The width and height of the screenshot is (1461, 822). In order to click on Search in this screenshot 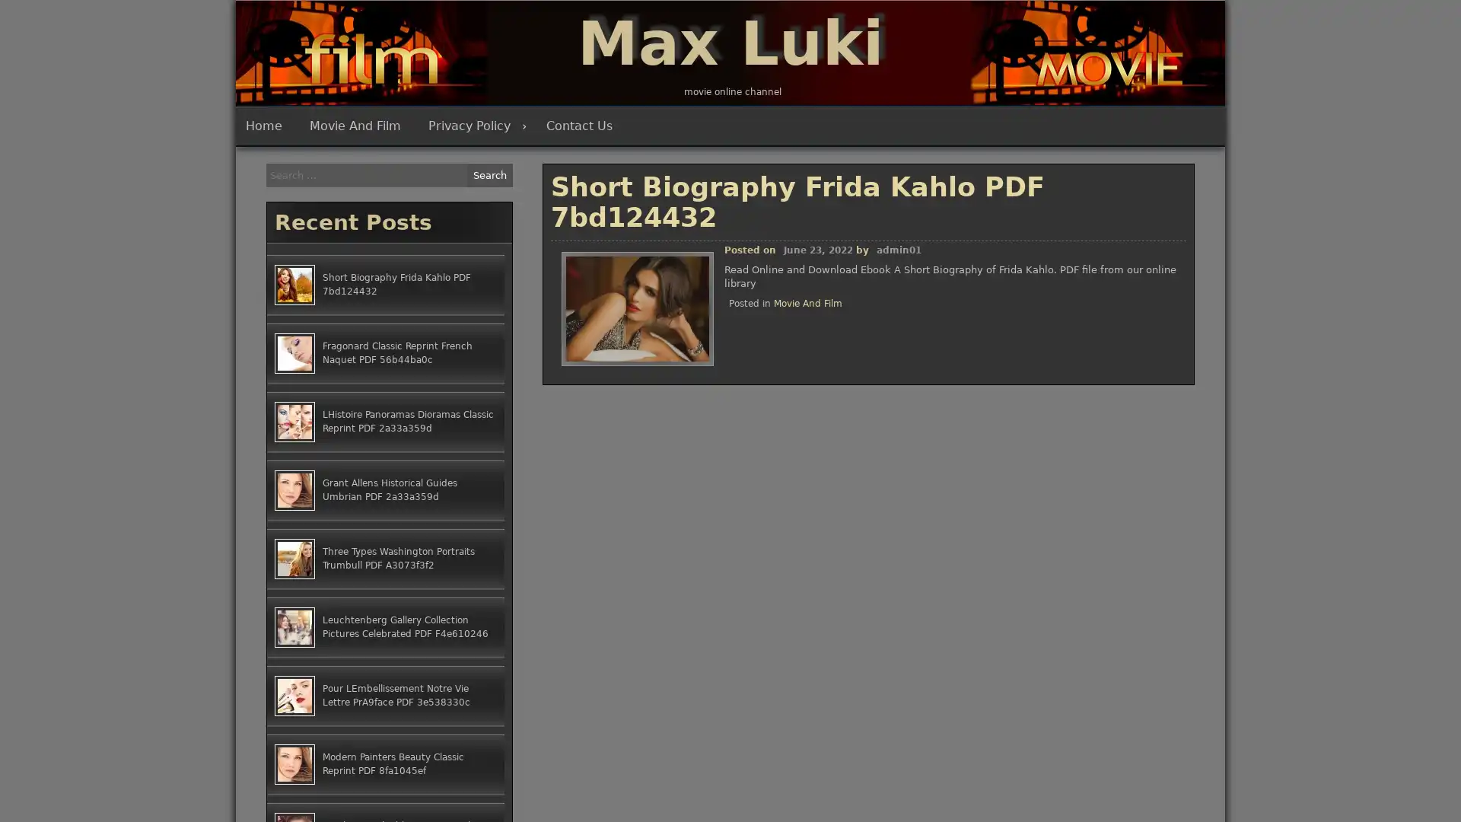, I will do `click(489, 174)`.